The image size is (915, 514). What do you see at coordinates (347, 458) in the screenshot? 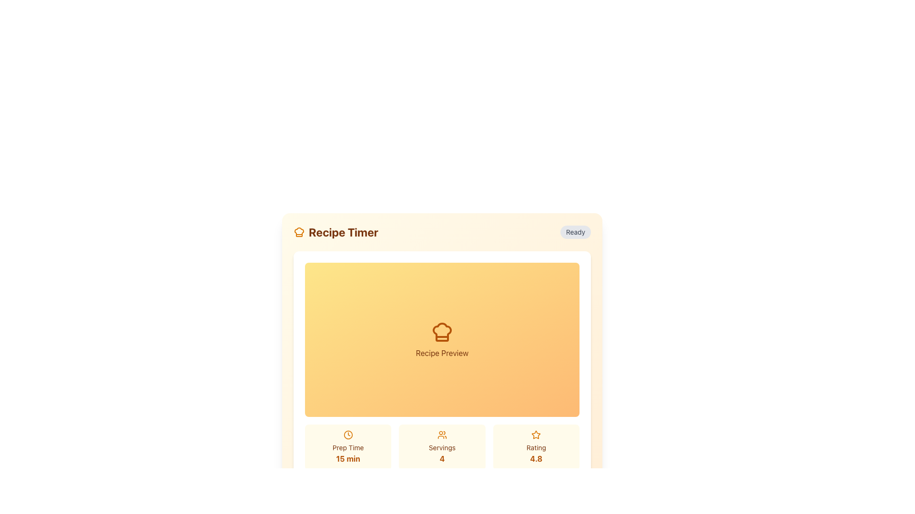
I see `the text label displaying '15 min' in bold amber-colored text, which is located within the 'Prep Time' section of the UI` at bounding box center [347, 458].